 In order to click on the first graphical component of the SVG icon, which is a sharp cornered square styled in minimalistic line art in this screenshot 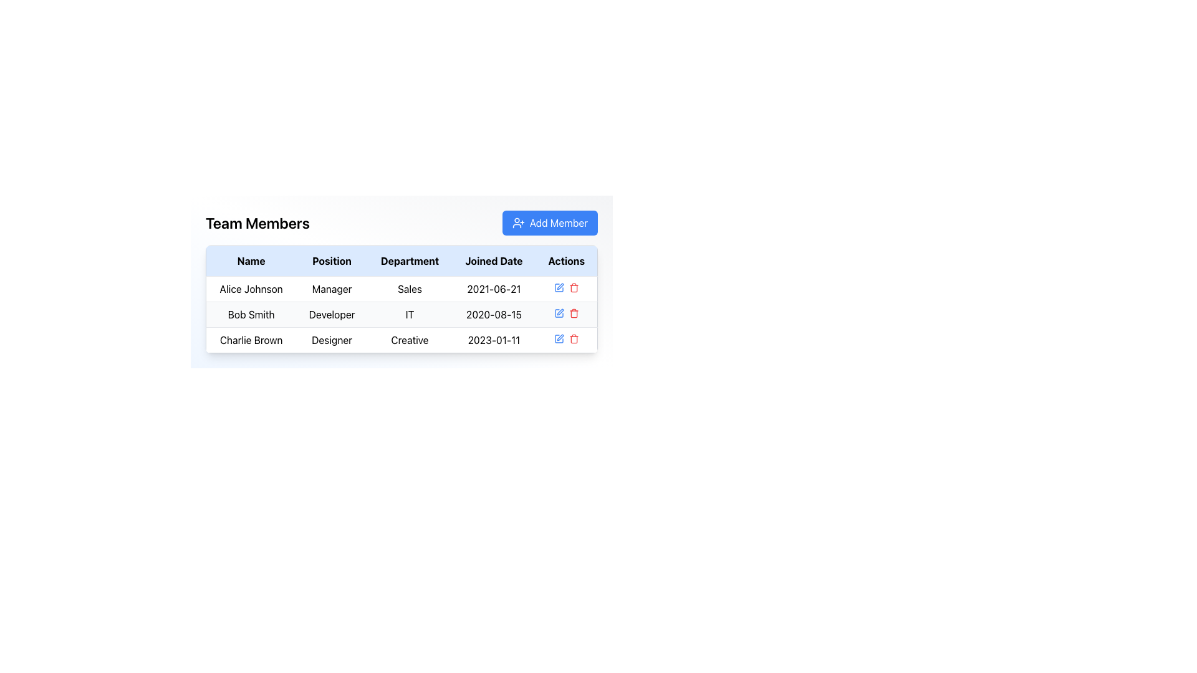, I will do `click(558, 338)`.